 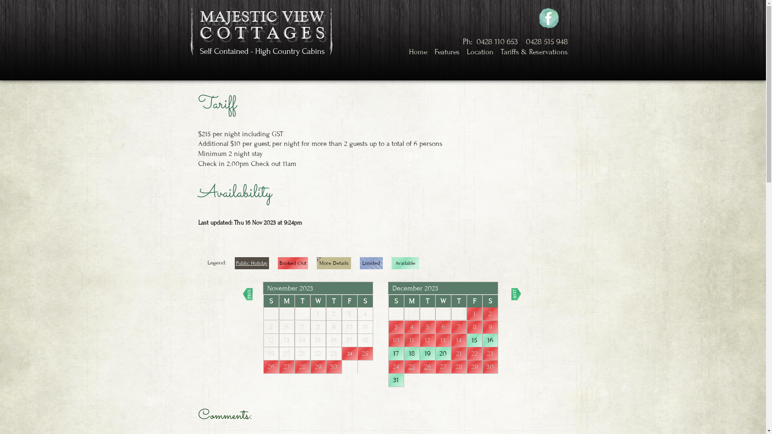 What do you see at coordinates (526, 42) in the screenshot?
I see `'0428 515 948'` at bounding box center [526, 42].